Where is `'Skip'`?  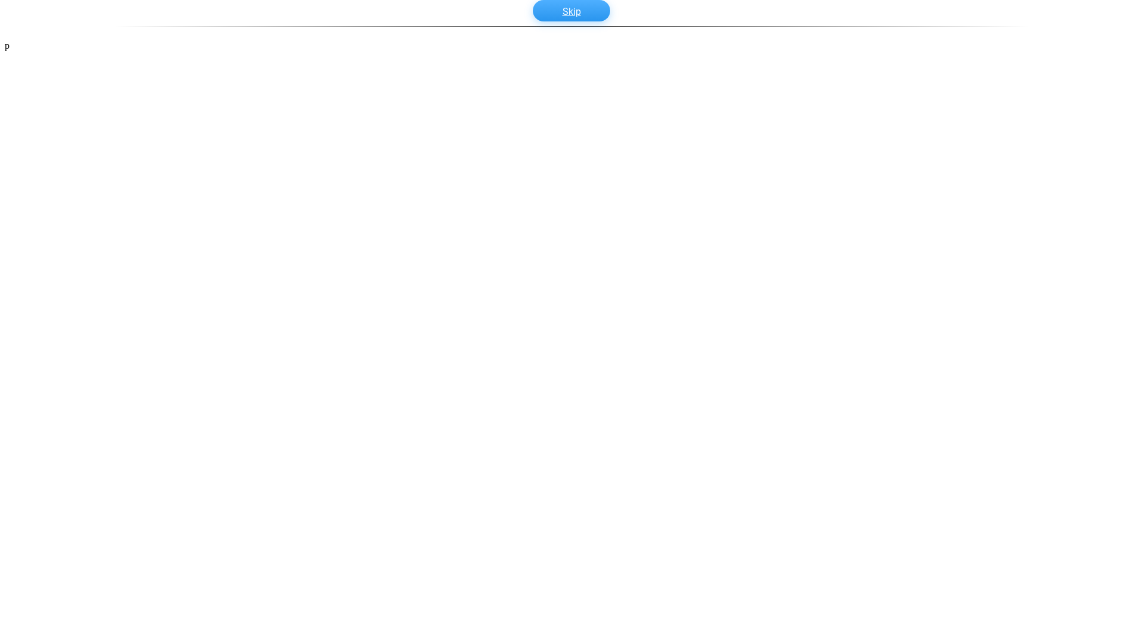
'Skip' is located at coordinates (571, 11).